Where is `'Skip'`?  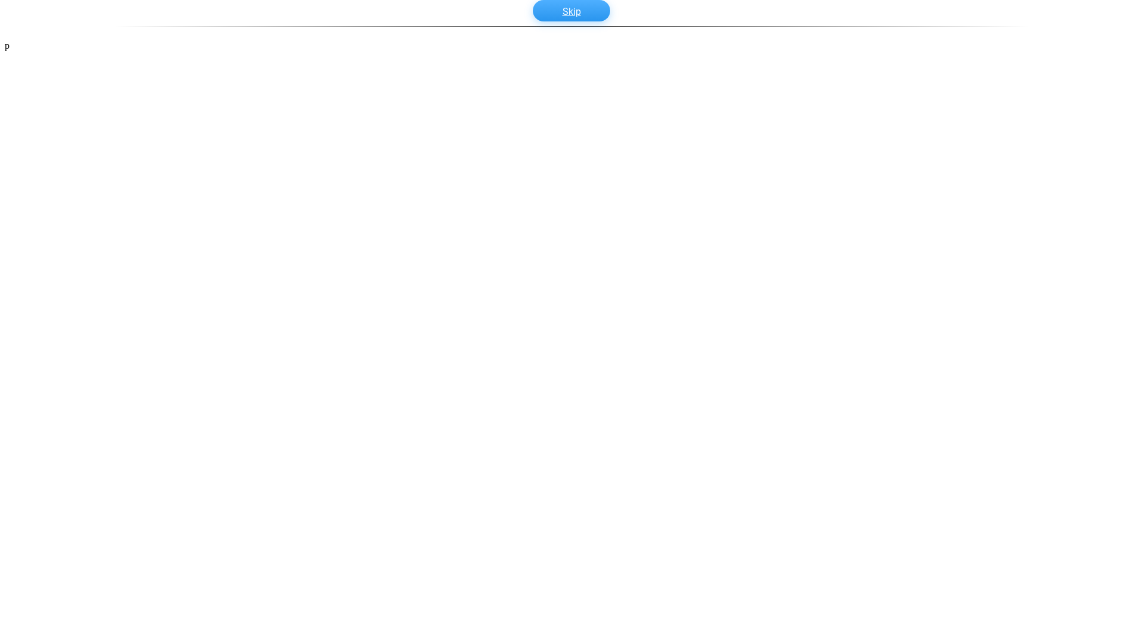
'Skip' is located at coordinates (571, 11).